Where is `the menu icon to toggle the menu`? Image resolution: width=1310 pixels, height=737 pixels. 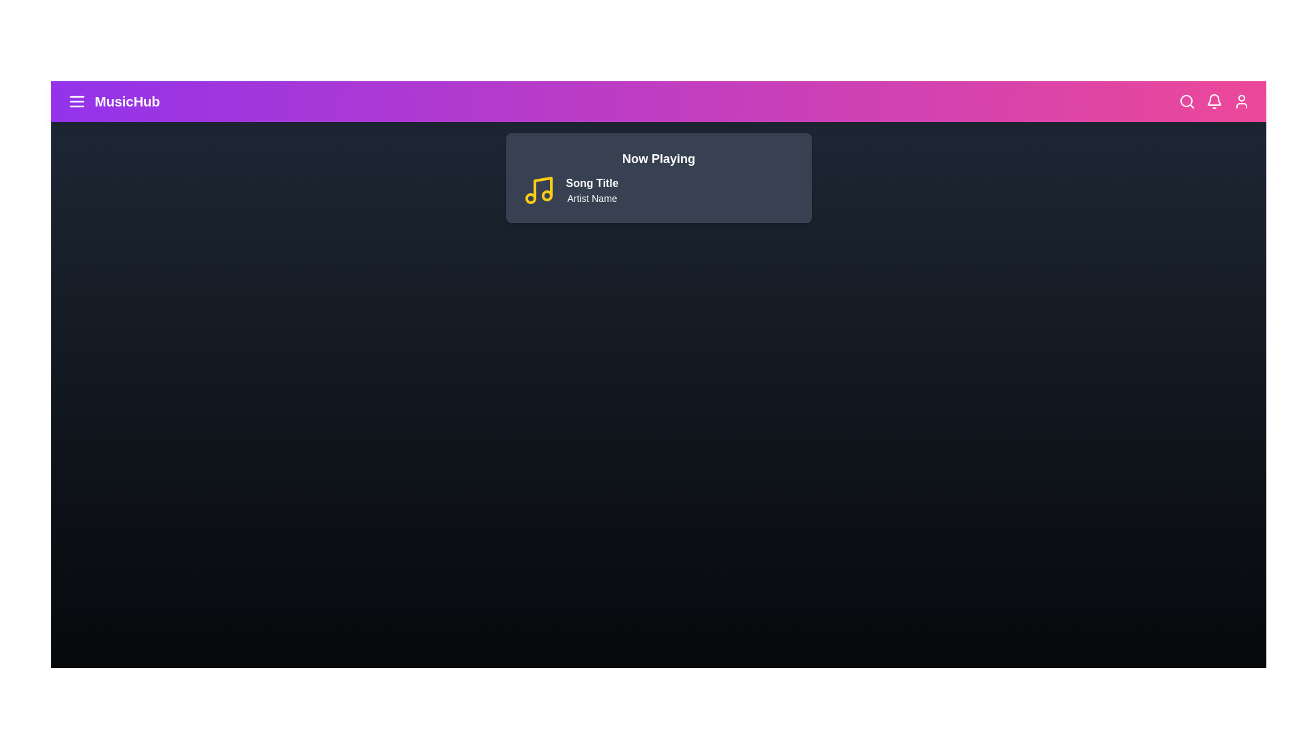
the menu icon to toggle the menu is located at coordinates (76, 101).